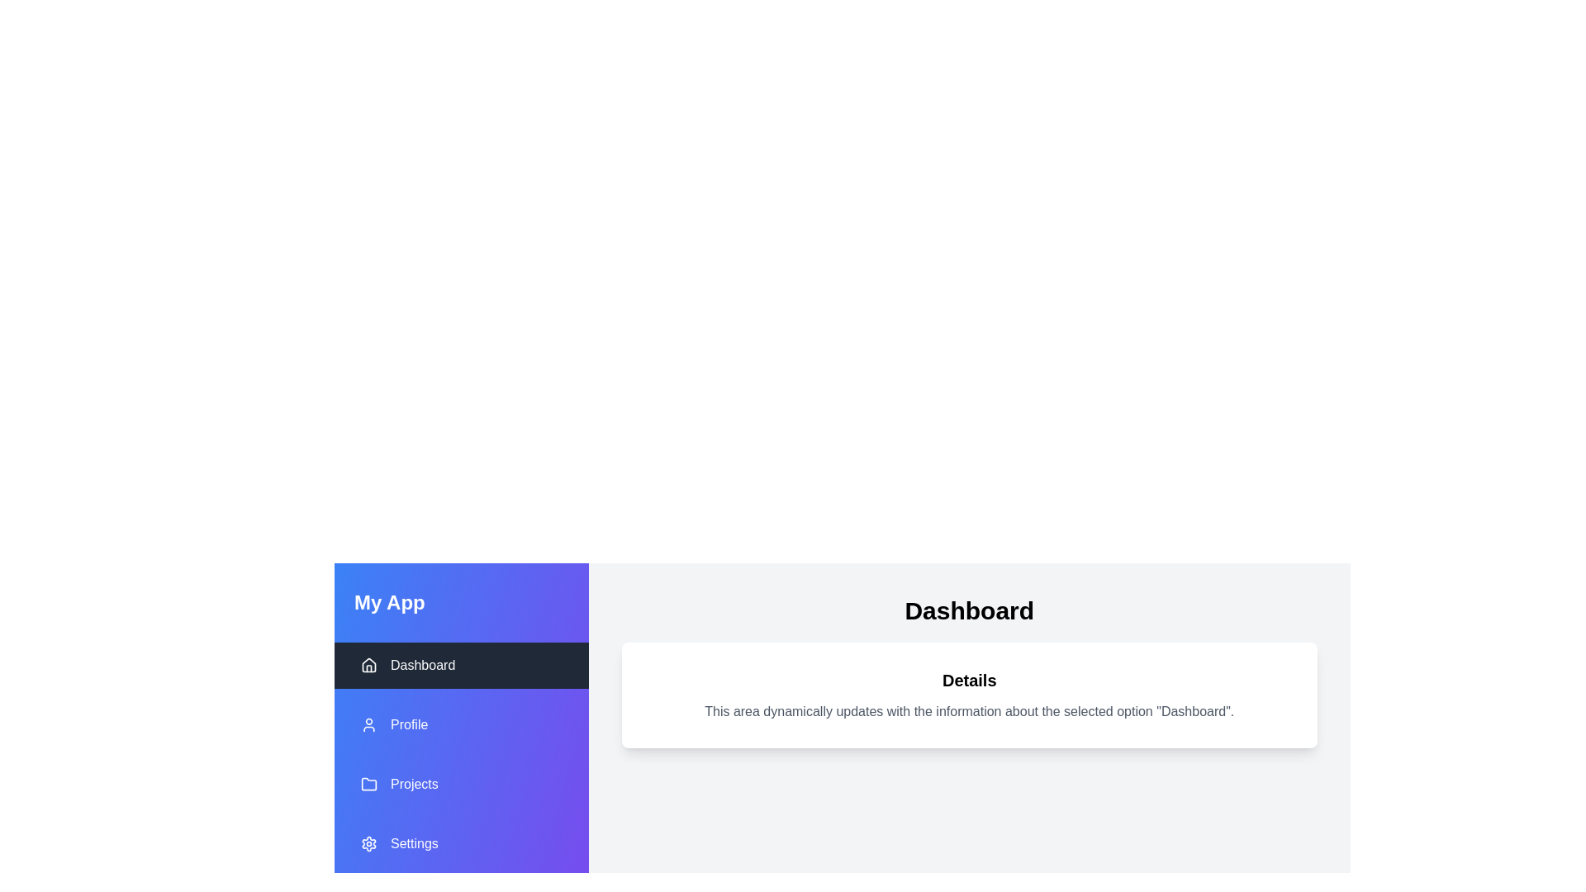 The image size is (1586, 892). Describe the element at coordinates (461, 783) in the screenshot. I see `the menu item Projects` at that location.